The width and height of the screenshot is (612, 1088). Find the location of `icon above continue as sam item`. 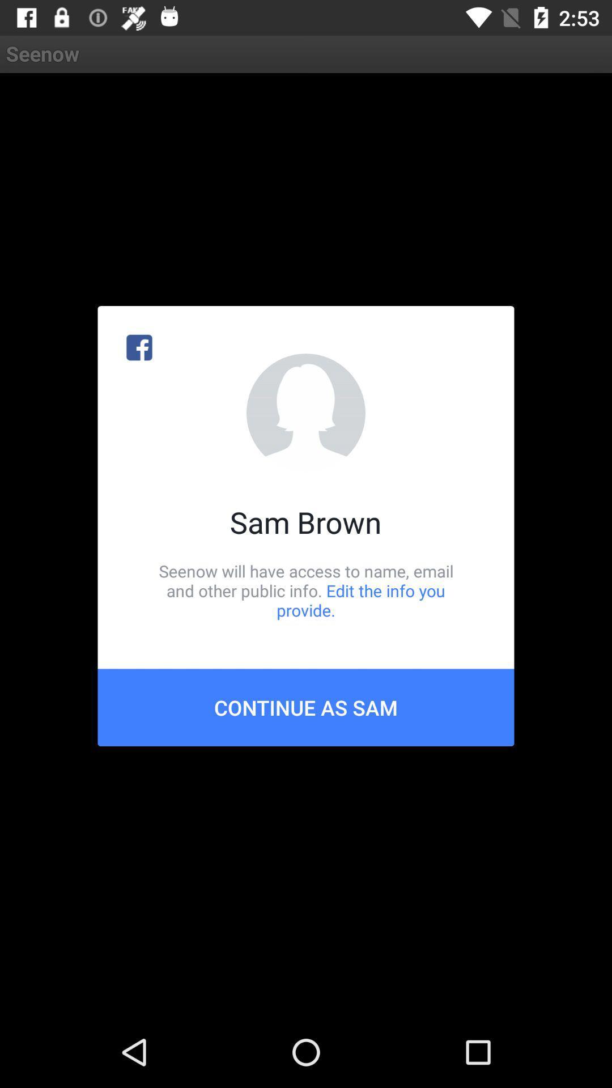

icon above continue as sam item is located at coordinates (306, 590).